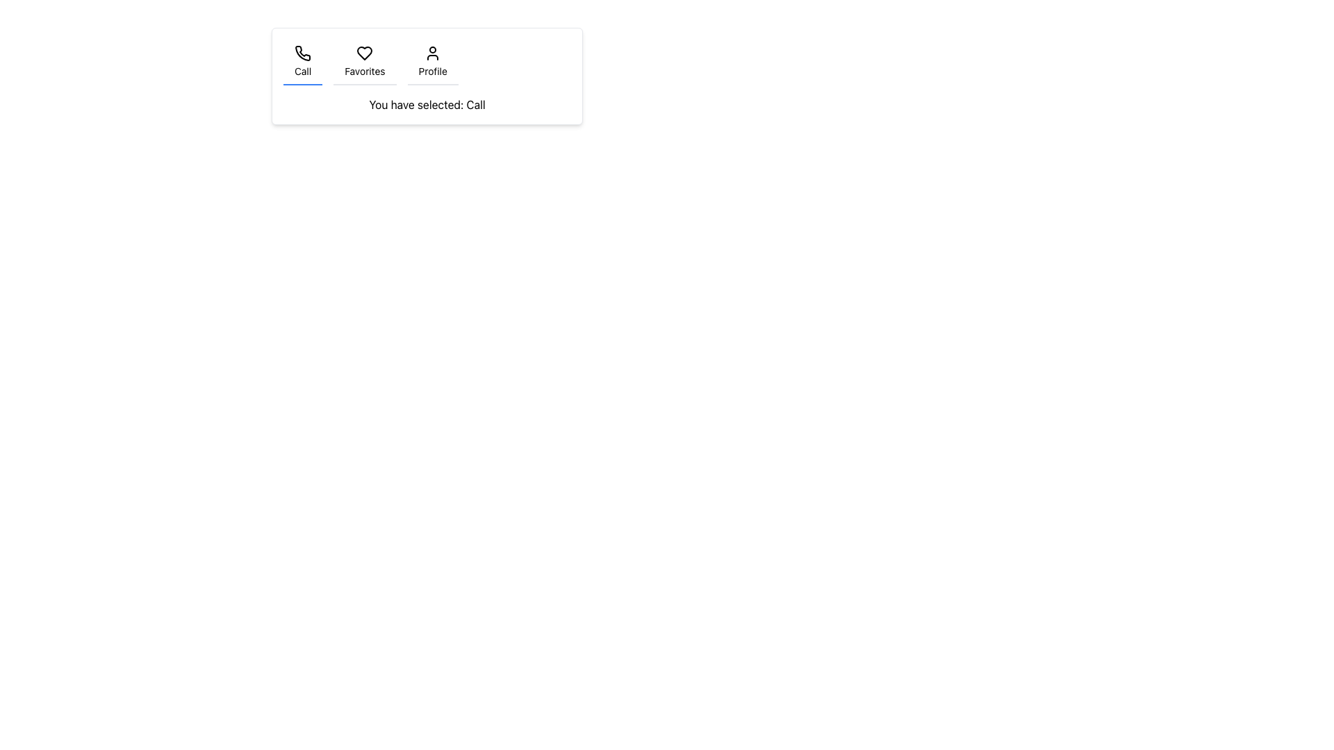  What do you see at coordinates (365, 72) in the screenshot?
I see `the 'Favorites' text label located below the heart-shaped icon in the vertical menu section` at bounding box center [365, 72].